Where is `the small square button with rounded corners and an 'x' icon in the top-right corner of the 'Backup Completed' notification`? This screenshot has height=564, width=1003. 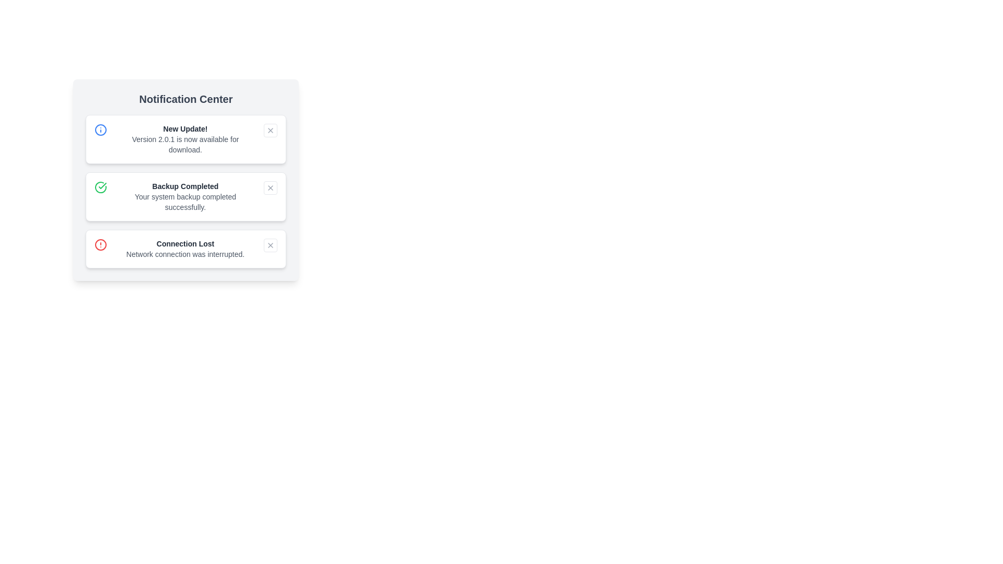 the small square button with rounded corners and an 'x' icon in the top-right corner of the 'Backup Completed' notification is located at coordinates (271, 187).